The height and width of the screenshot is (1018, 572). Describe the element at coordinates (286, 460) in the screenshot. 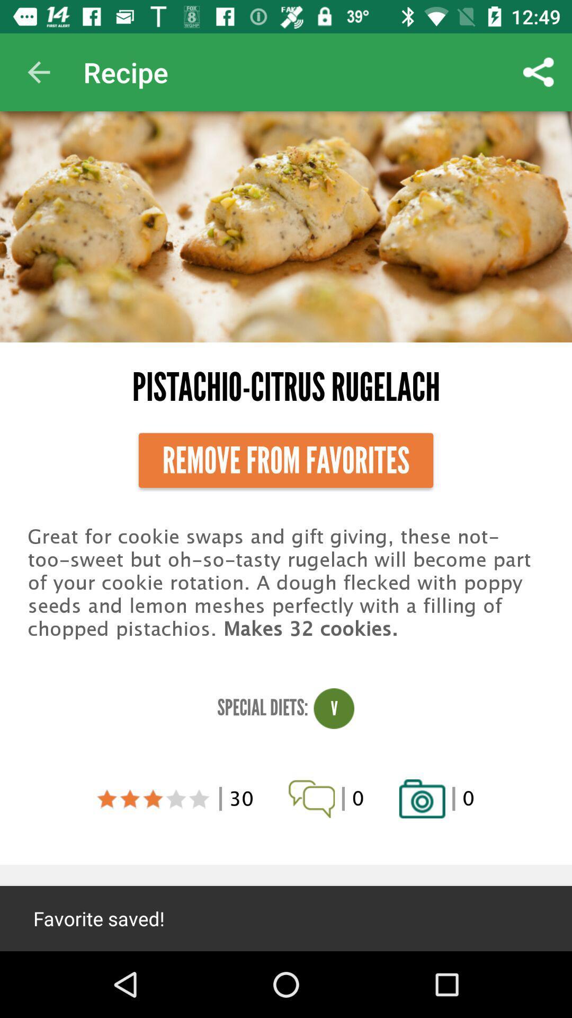

I see `remove from favorites` at that location.